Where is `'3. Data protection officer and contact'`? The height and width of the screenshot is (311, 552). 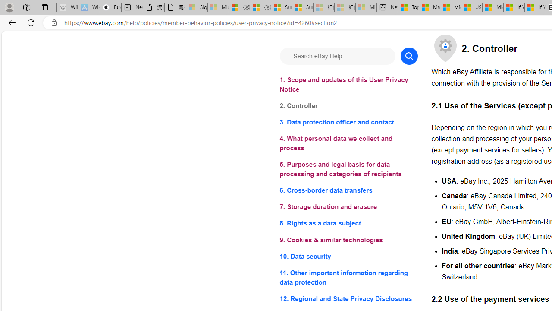
'3. Data protection officer and contact' is located at coordinates (348, 122).